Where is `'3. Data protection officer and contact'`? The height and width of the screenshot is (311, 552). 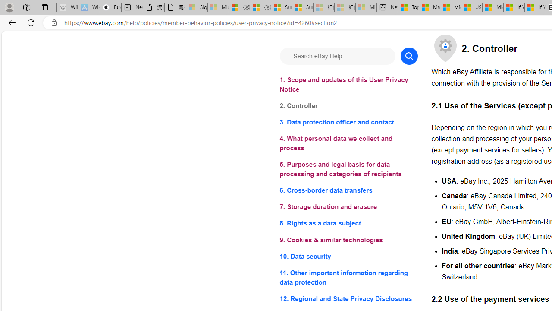
'3. Data protection officer and contact' is located at coordinates (348, 122).